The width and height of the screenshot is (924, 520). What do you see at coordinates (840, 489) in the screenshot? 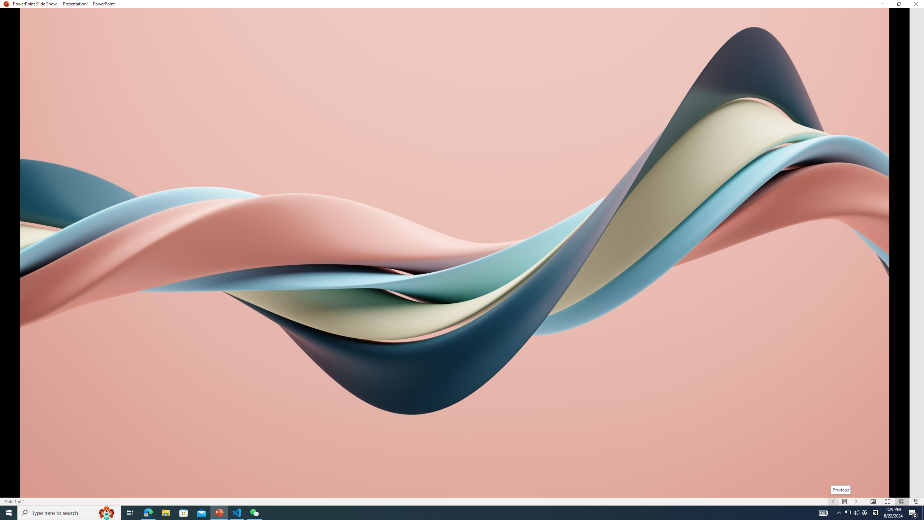
I see `'Previous'` at bounding box center [840, 489].